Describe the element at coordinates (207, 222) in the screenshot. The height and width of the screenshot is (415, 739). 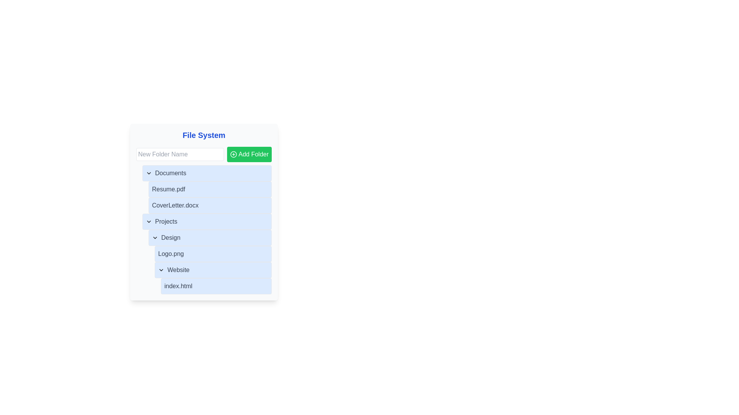
I see `the 'Projects' collapsible list item` at that location.